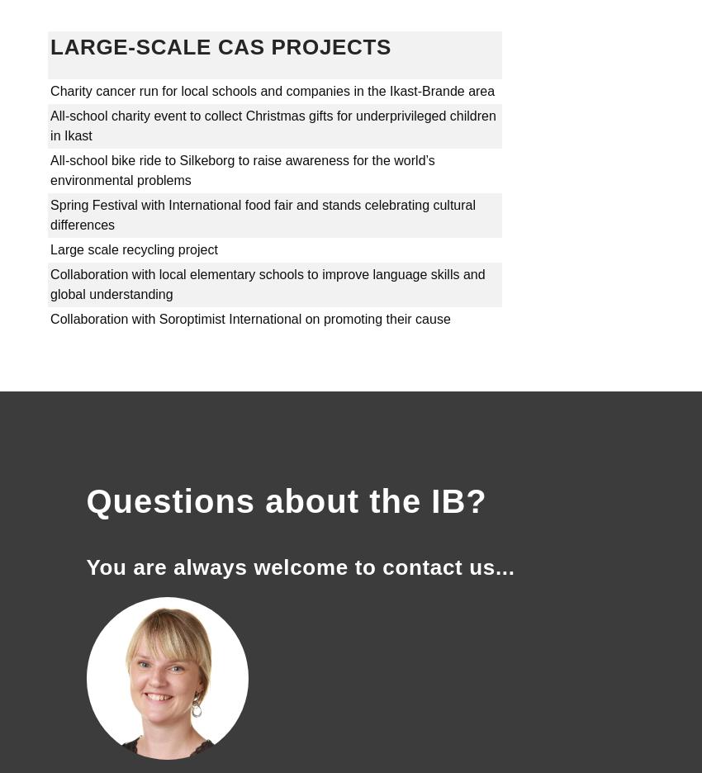  What do you see at coordinates (220, 47) in the screenshot?
I see `'LARGE-SCALE CAS PROJECTS'` at bounding box center [220, 47].